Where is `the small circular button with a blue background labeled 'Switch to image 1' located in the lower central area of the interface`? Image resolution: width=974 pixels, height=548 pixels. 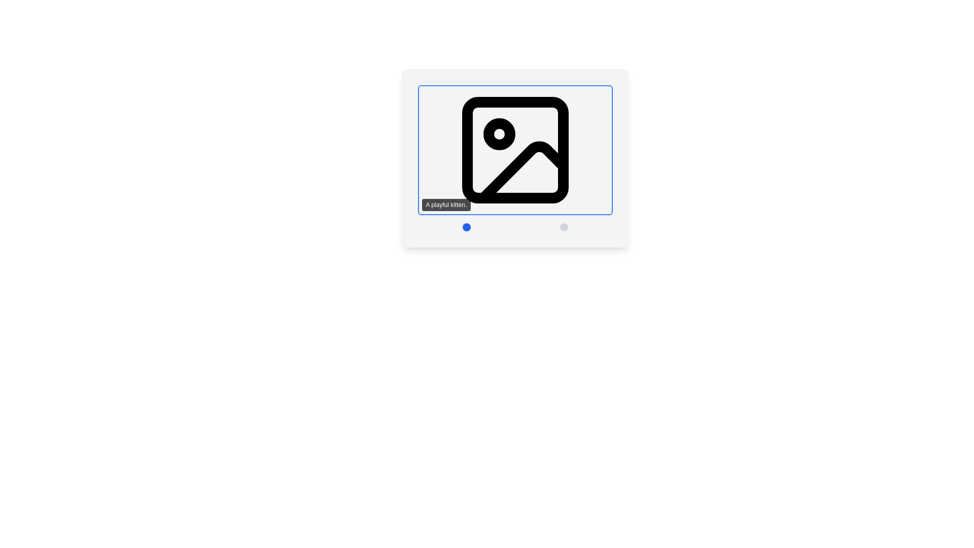
the small circular button with a blue background labeled 'Switch to image 1' located in the lower central area of the interface is located at coordinates (466, 226).